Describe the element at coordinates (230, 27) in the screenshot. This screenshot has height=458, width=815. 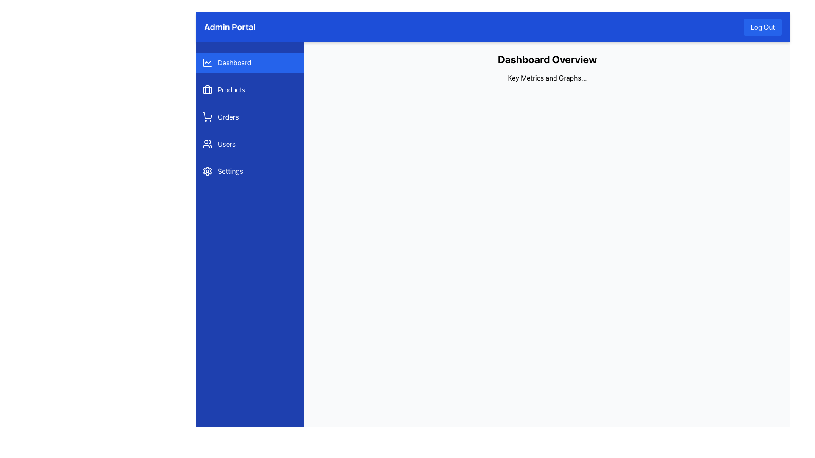
I see `the Text Label that serves as the title or branding label for the application interface, located near the top-left of the header area` at that location.